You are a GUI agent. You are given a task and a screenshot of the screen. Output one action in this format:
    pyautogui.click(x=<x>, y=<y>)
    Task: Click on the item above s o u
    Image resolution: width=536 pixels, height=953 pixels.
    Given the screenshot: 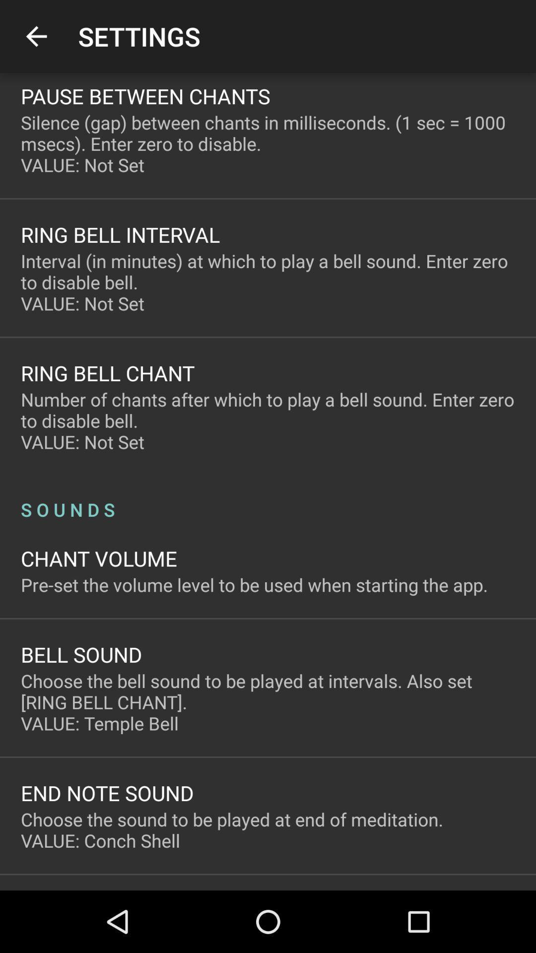 What is the action you would take?
    pyautogui.click(x=268, y=420)
    